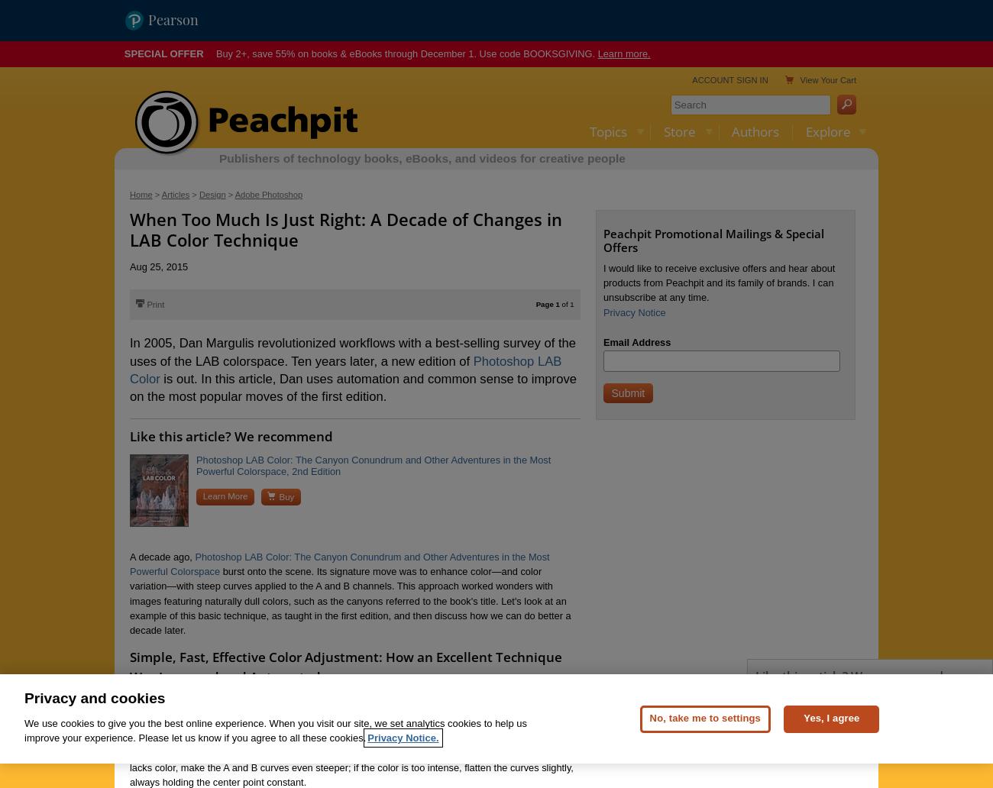 This screenshot has width=993, height=788. I want to click on 'I would like to receive exclusive offers and hear about products from Peachpit and its family of brands. I can unsubscribe at any time.', so click(718, 283).